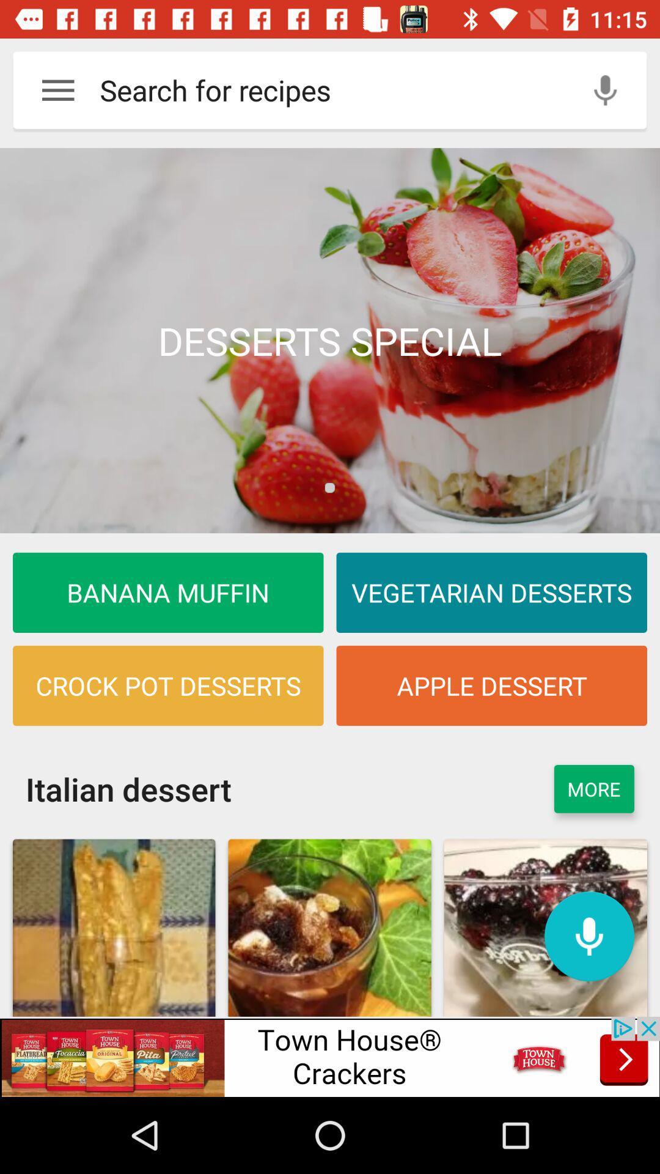  What do you see at coordinates (605, 89) in the screenshot?
I see `to voice` at bounding box center [605, 89].